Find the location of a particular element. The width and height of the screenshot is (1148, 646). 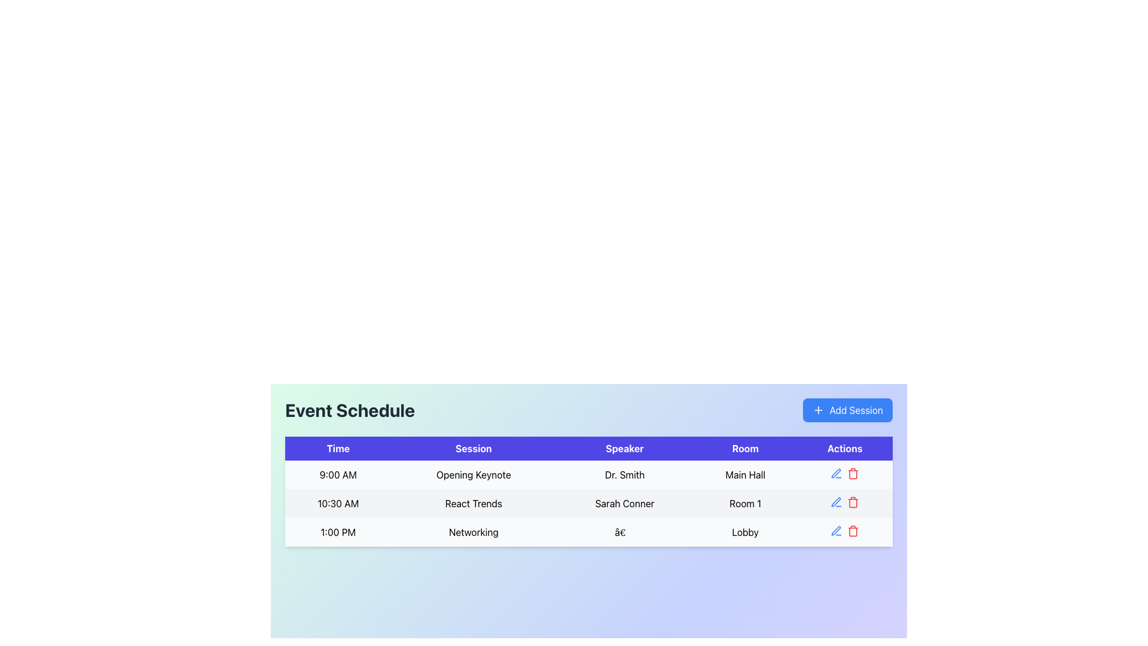

the group of interactive icons (pencil and trash can) for the '1:00 PM Networking—Lobby' event is located at coordinates (844, 530).